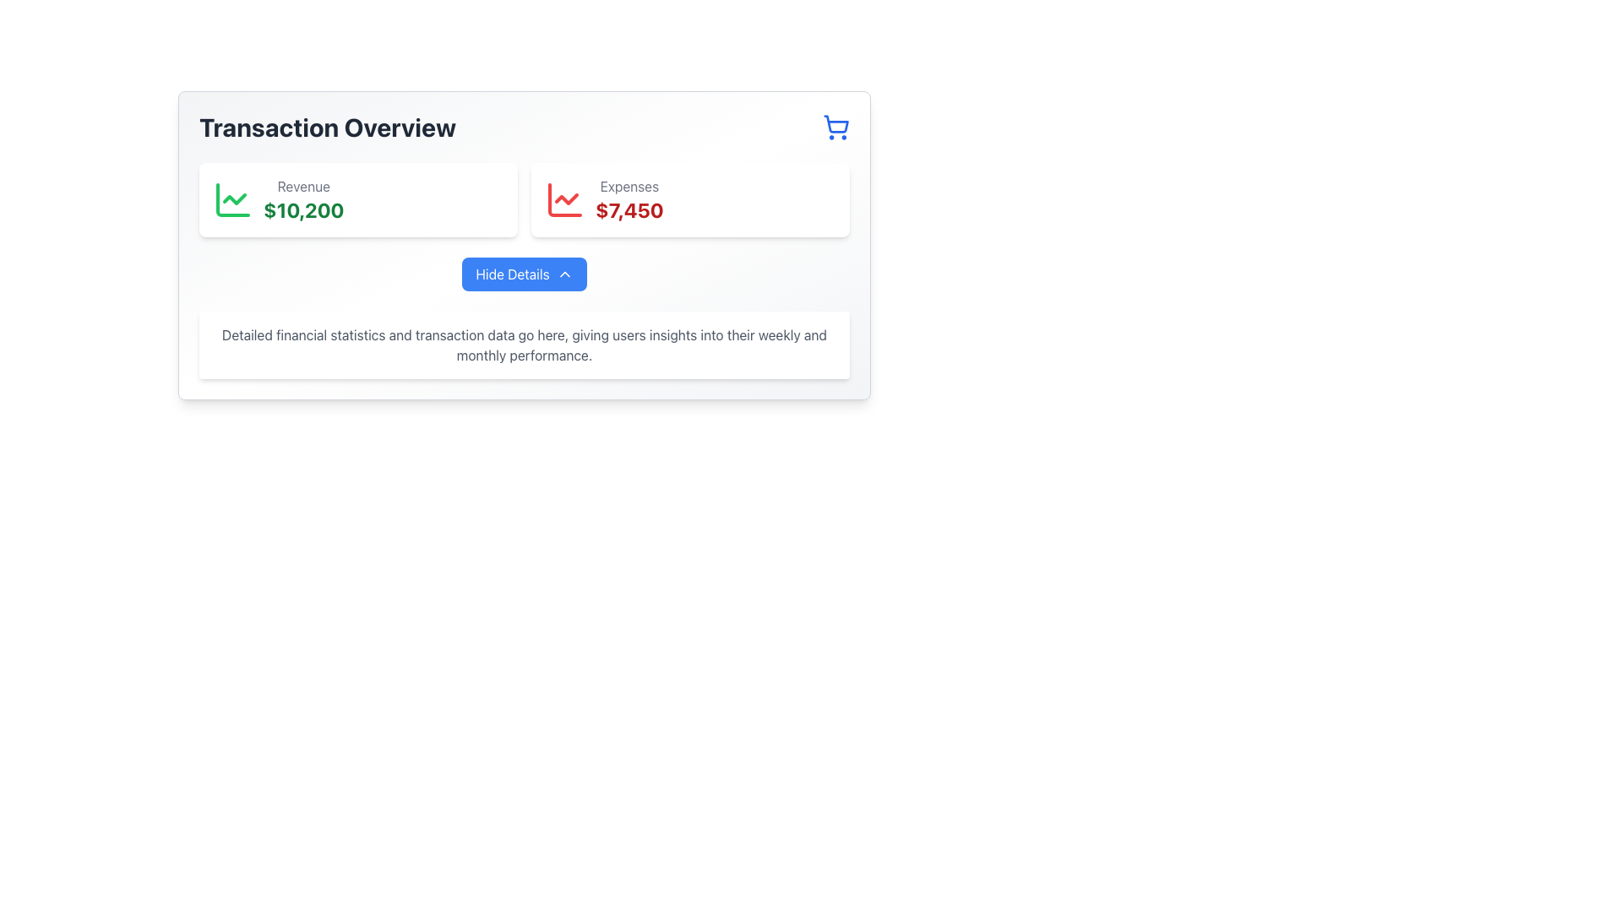 The width and height of the screenshot is (1622, 912). I want to click on the Informational Text Box, which is a rectangular component with a white background and gray text, located beneath the 'Hide Details' button, so click(523, 344).